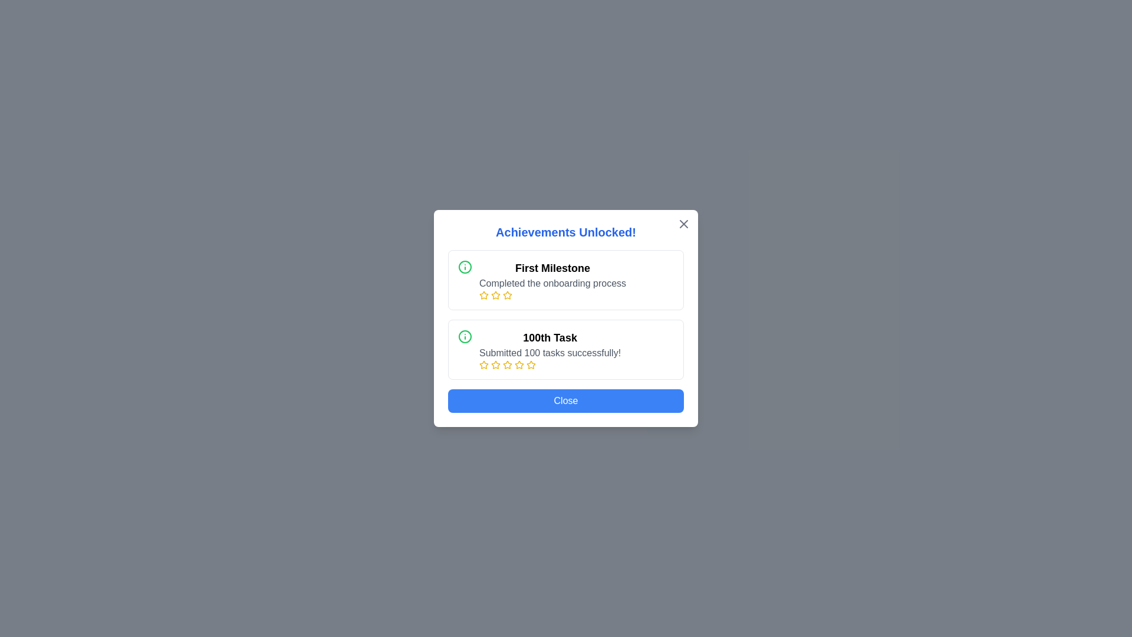 Image resolution: width=1132 pixels, height=637 pixels. What do you see at coordinates (549, 352) in the screenshot?
I see `the static text label that reads 'Submitted 100 tasks successfully!' in gray font, located beneath the '100th Task' heading in the achievements modal` at bounding box center [549, 352].